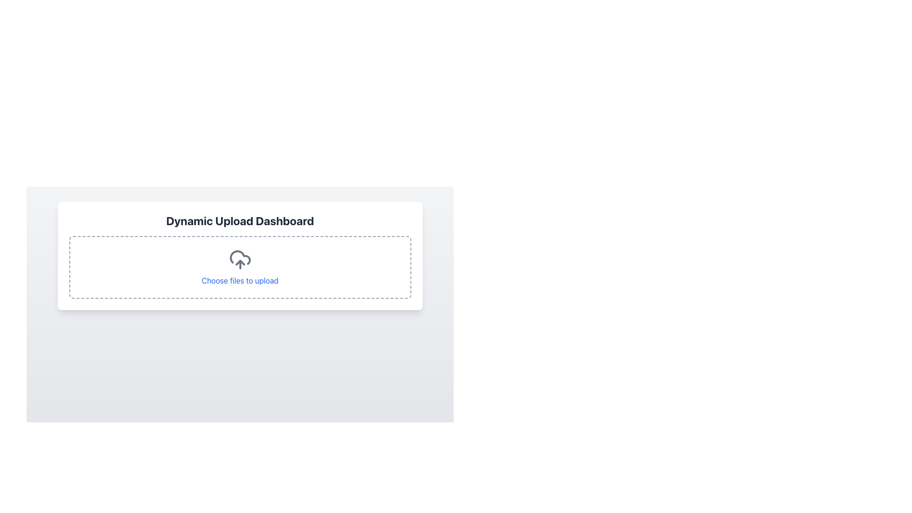 This screenshot has width=912, height=513. Describe the element at coordinates (240, 256) in the screenshot. I see `the file upload interface section, which is centrally located on the page and prompts users to select files for upload` at that location.